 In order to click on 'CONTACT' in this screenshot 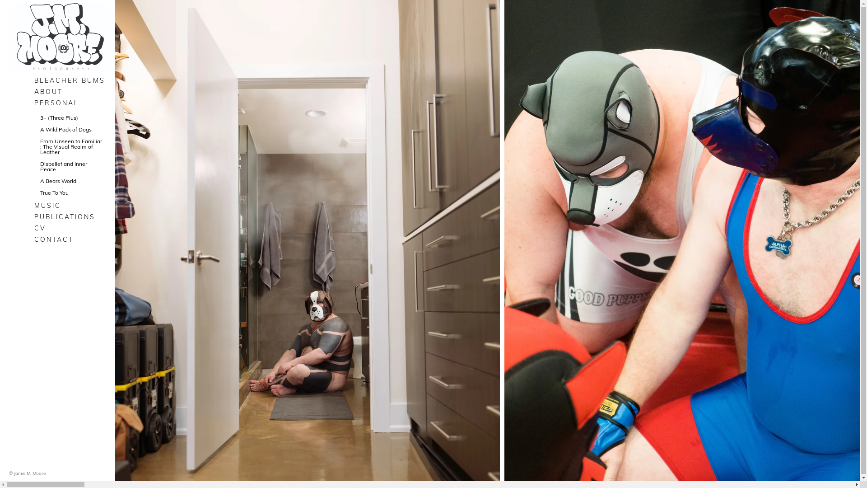, I will do `click(30, 239)`.